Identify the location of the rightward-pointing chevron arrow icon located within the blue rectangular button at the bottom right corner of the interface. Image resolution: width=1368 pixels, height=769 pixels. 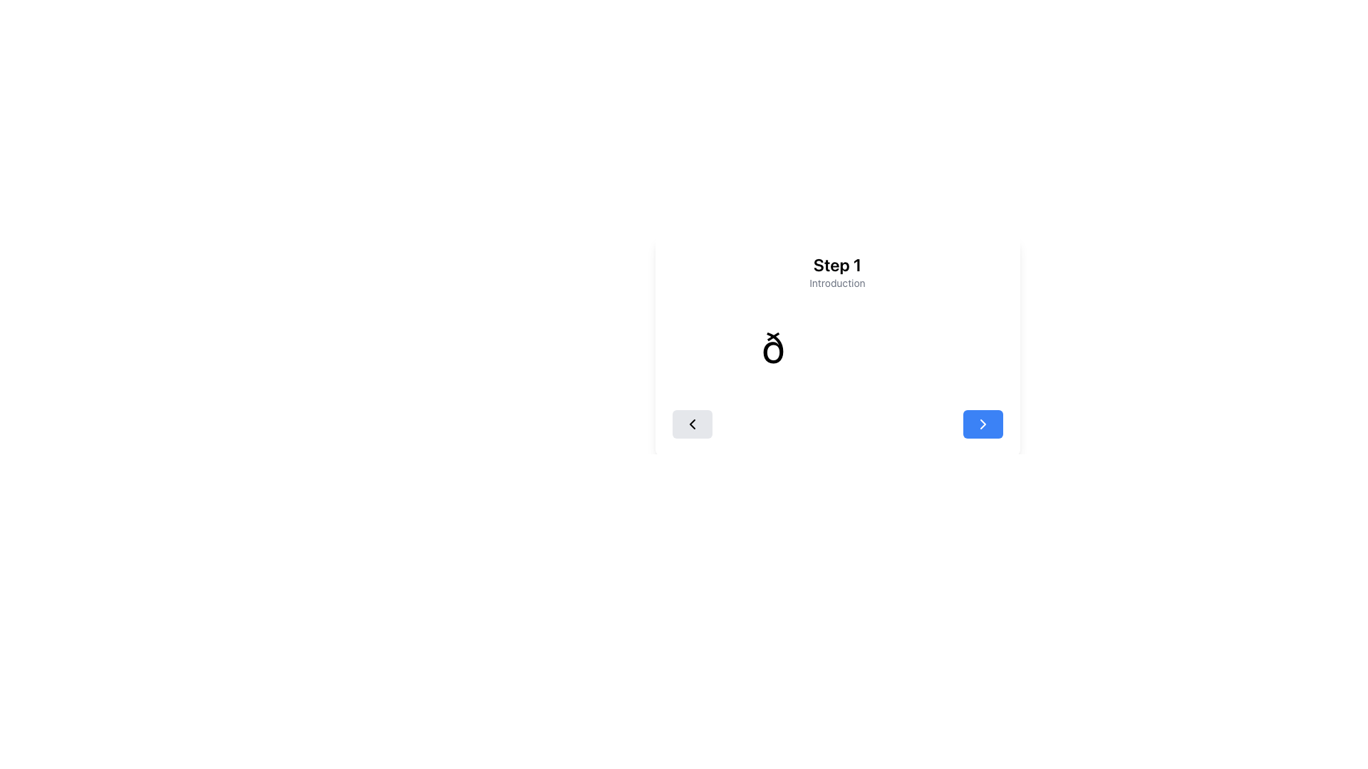
(982, 424).